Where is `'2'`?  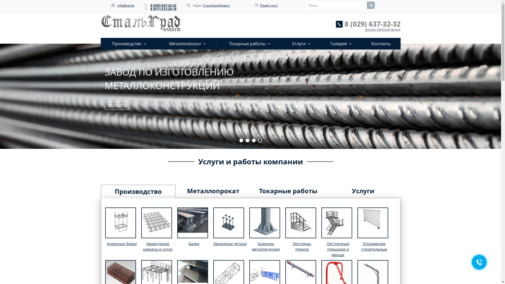
'2' is located at coordinates (247, 140).